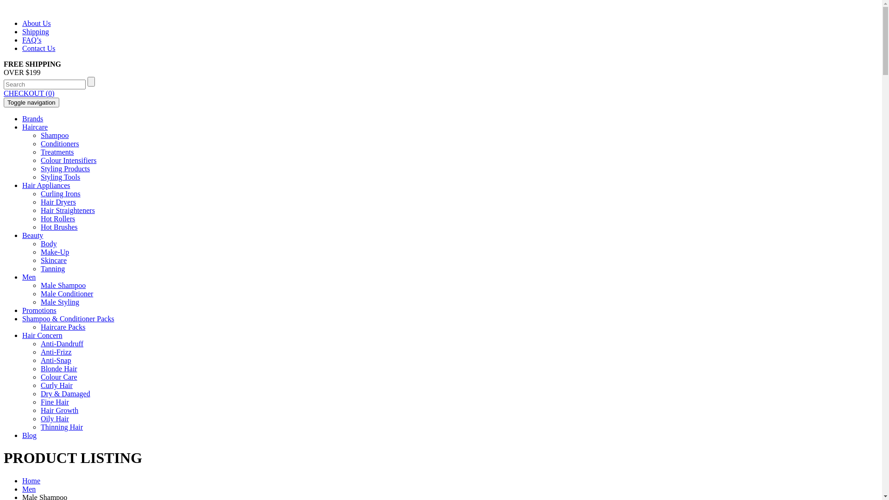 The width and height of the screenshot is (889, 500). What do you see at coordinates (63, 285) in the screenshot?
I see `'Male Shampoo'` at bounding box center [63, 285].